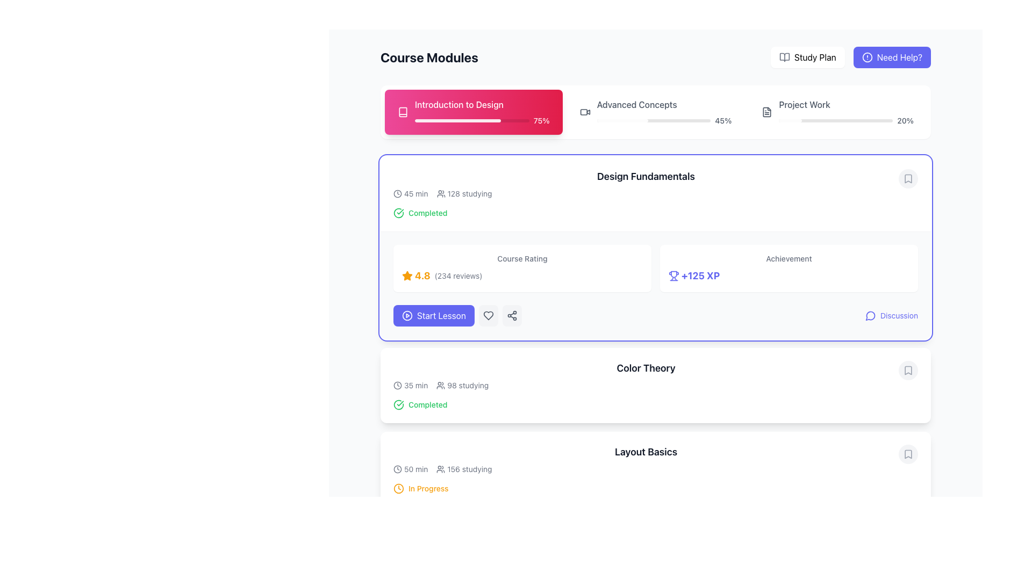 The width and height of the screenshot is (1032, 580). Describe the element at coordinates (428, 57) in the screenshot. I see `the header or title text component located in the top-left portion of the interface, which provides a descriptive label for the course modules` at that location.